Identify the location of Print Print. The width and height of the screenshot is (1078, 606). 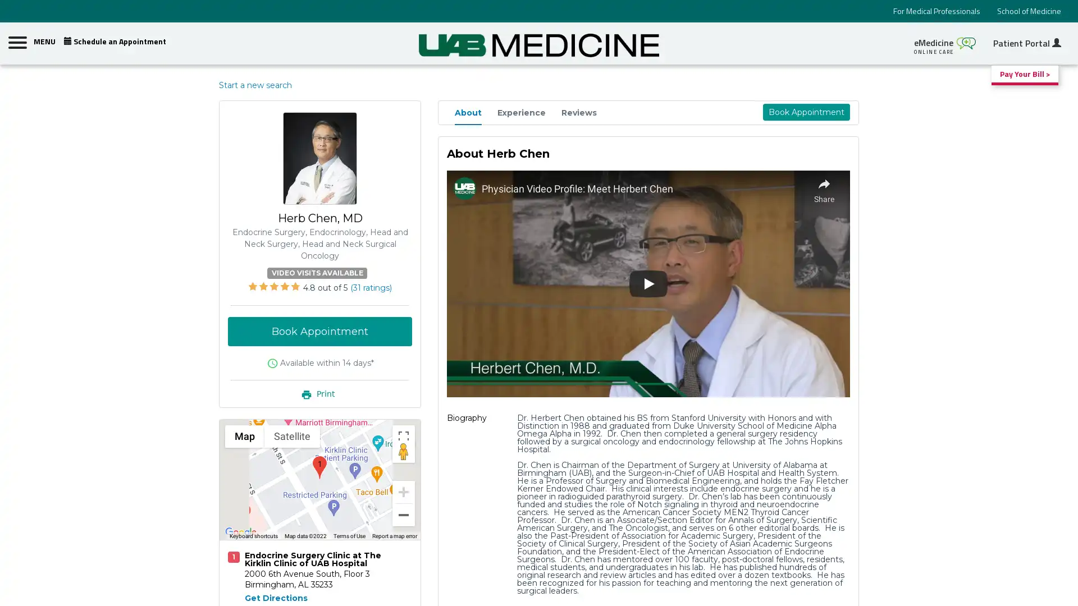
(319, 393).